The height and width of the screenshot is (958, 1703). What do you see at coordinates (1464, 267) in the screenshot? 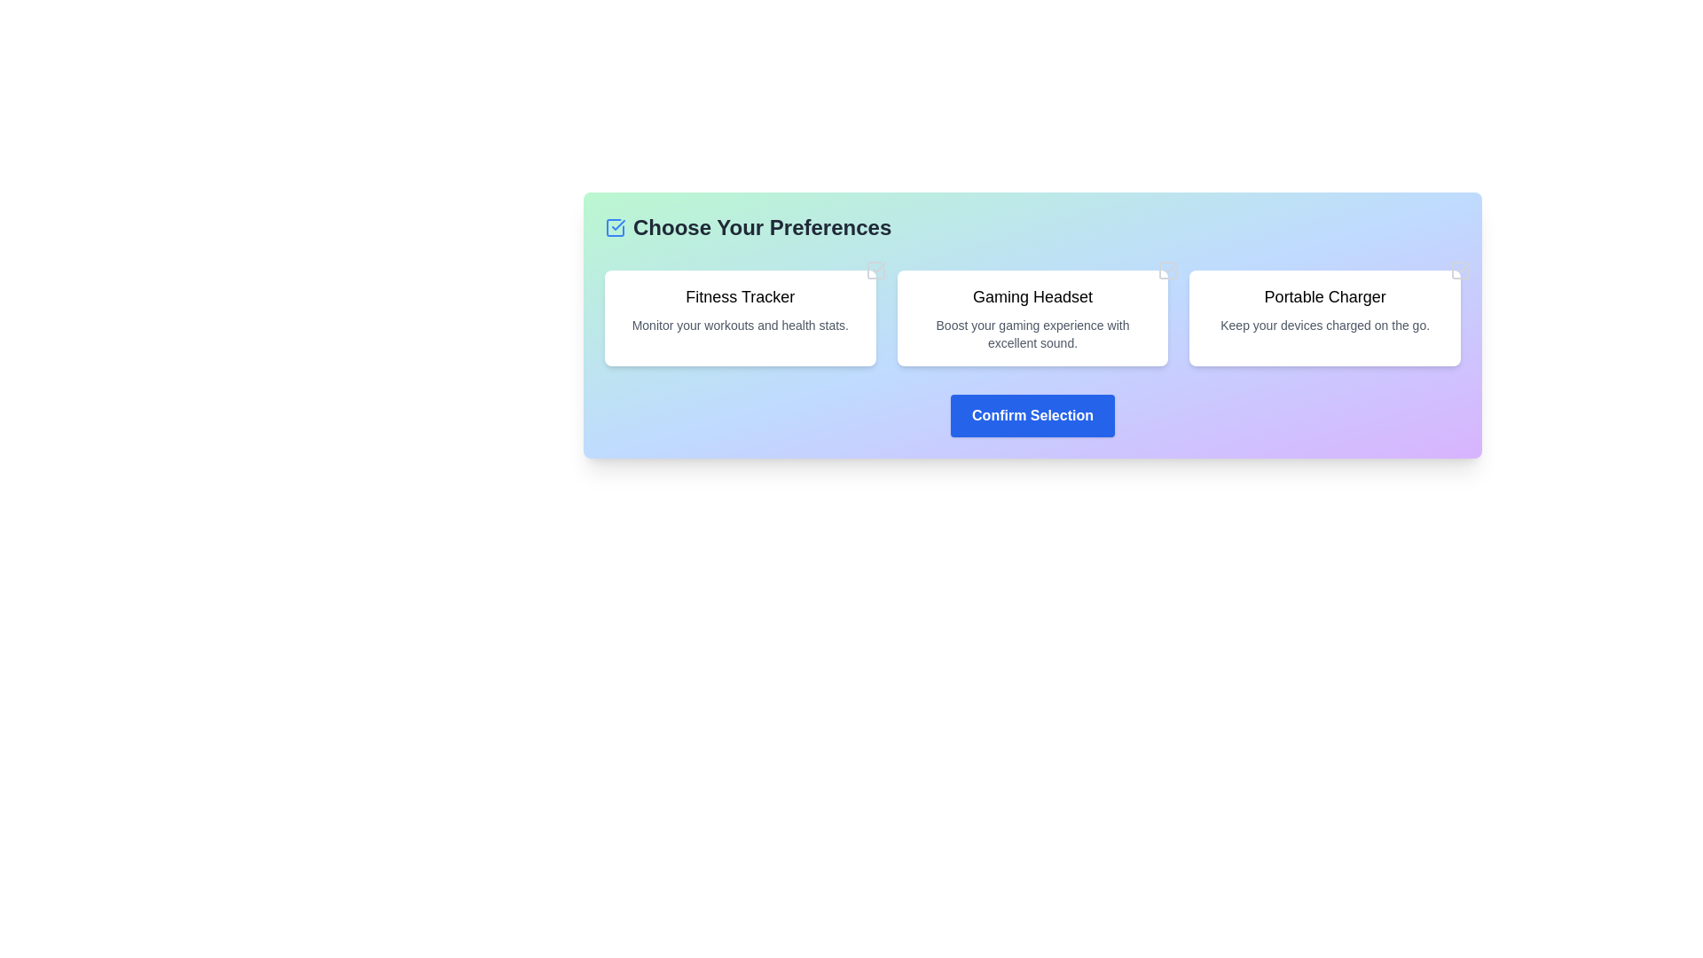
I see `check mark icon in the top right corner of the 'Portable Charger' card using developer tools` at bounding box center [1464, 267].